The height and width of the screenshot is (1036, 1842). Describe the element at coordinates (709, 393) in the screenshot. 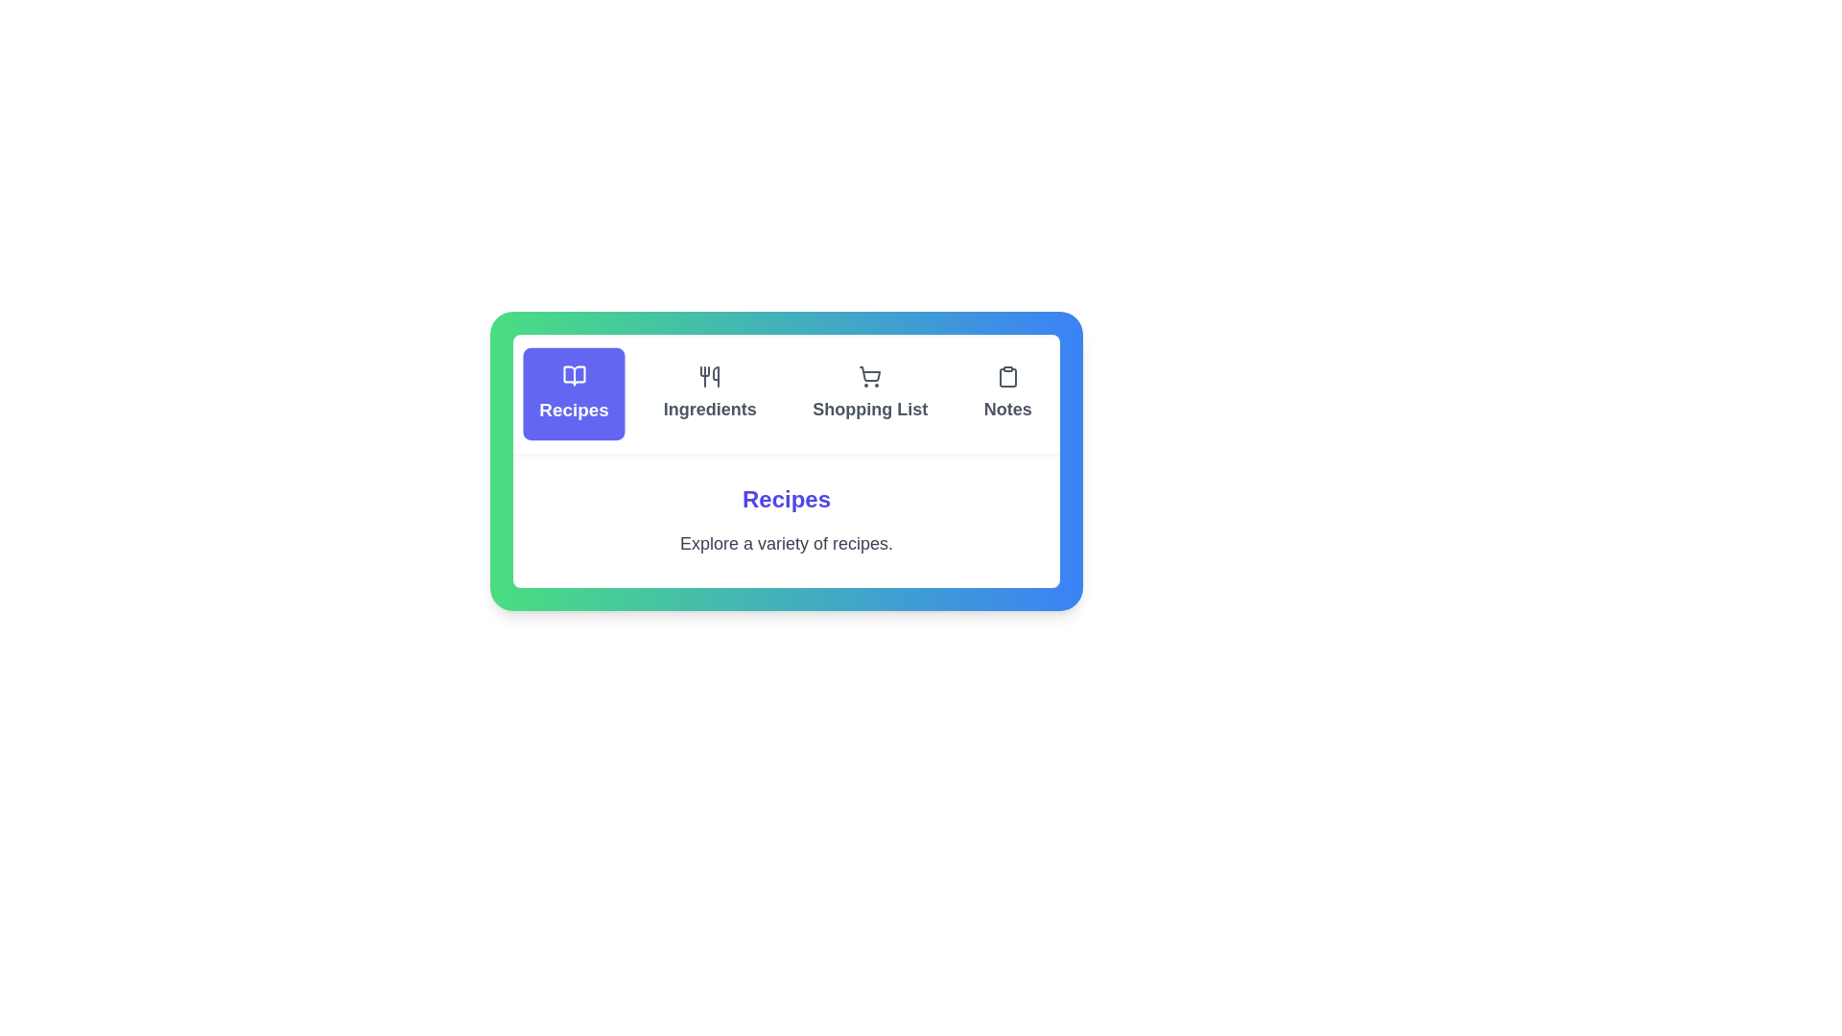

I see `the Ingredients tab by clicking on it` at that location.